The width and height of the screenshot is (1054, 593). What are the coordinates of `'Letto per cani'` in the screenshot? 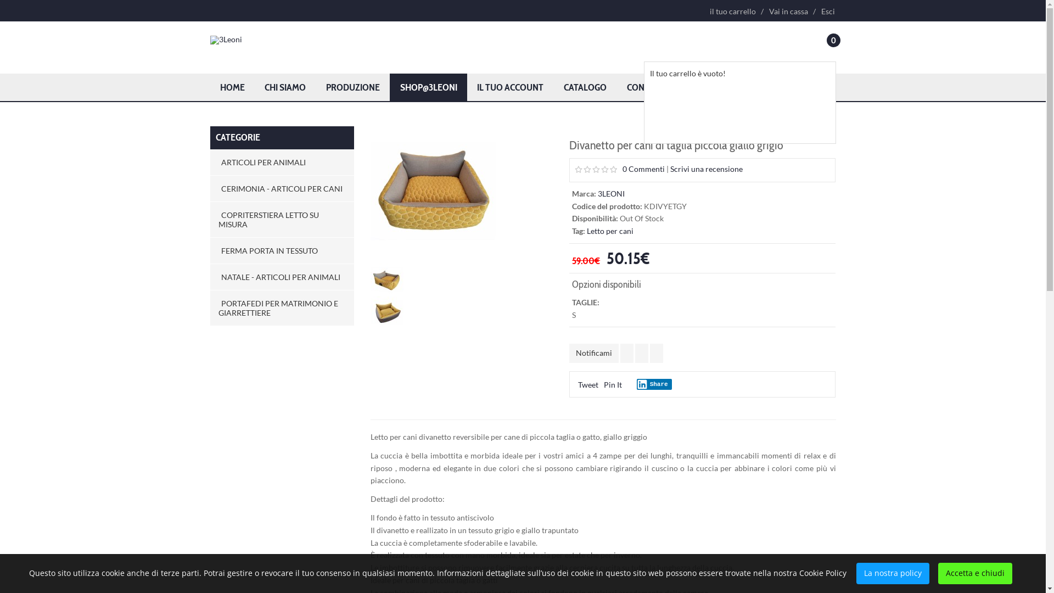 It's located at (609, 230).